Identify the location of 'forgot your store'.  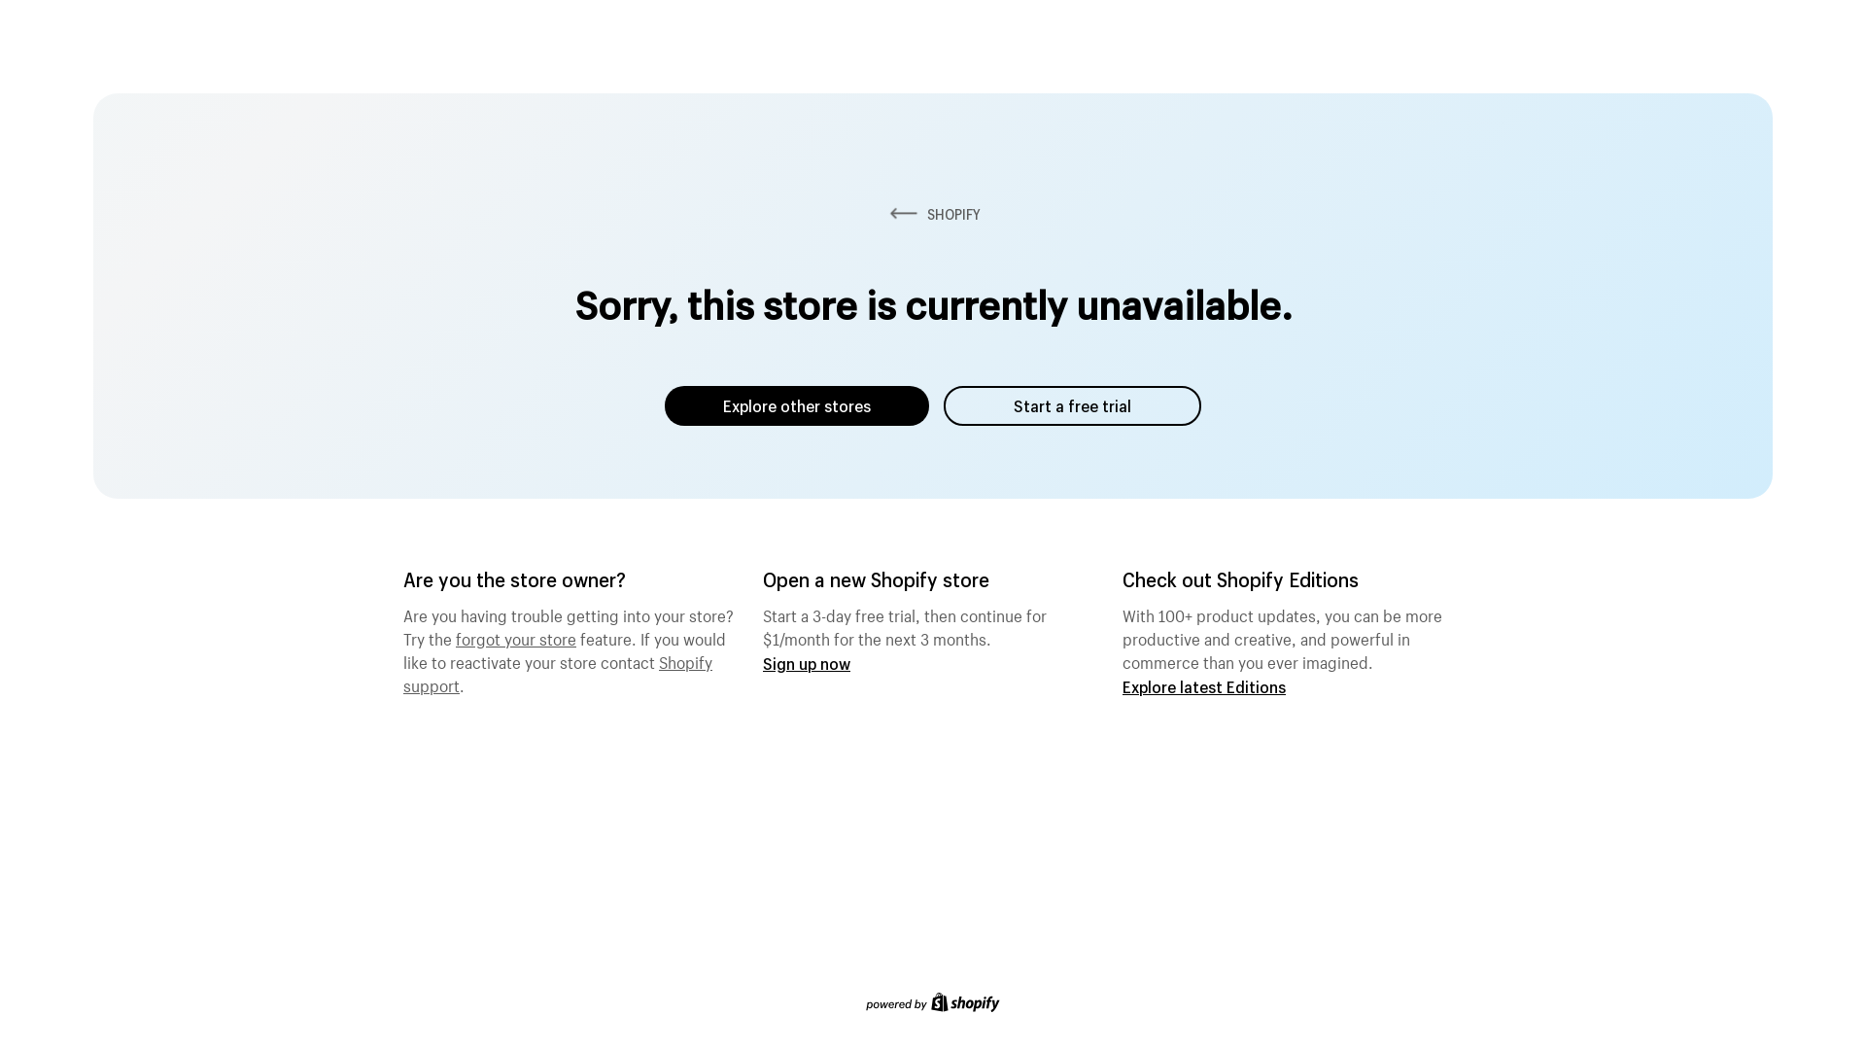
(516, 637).